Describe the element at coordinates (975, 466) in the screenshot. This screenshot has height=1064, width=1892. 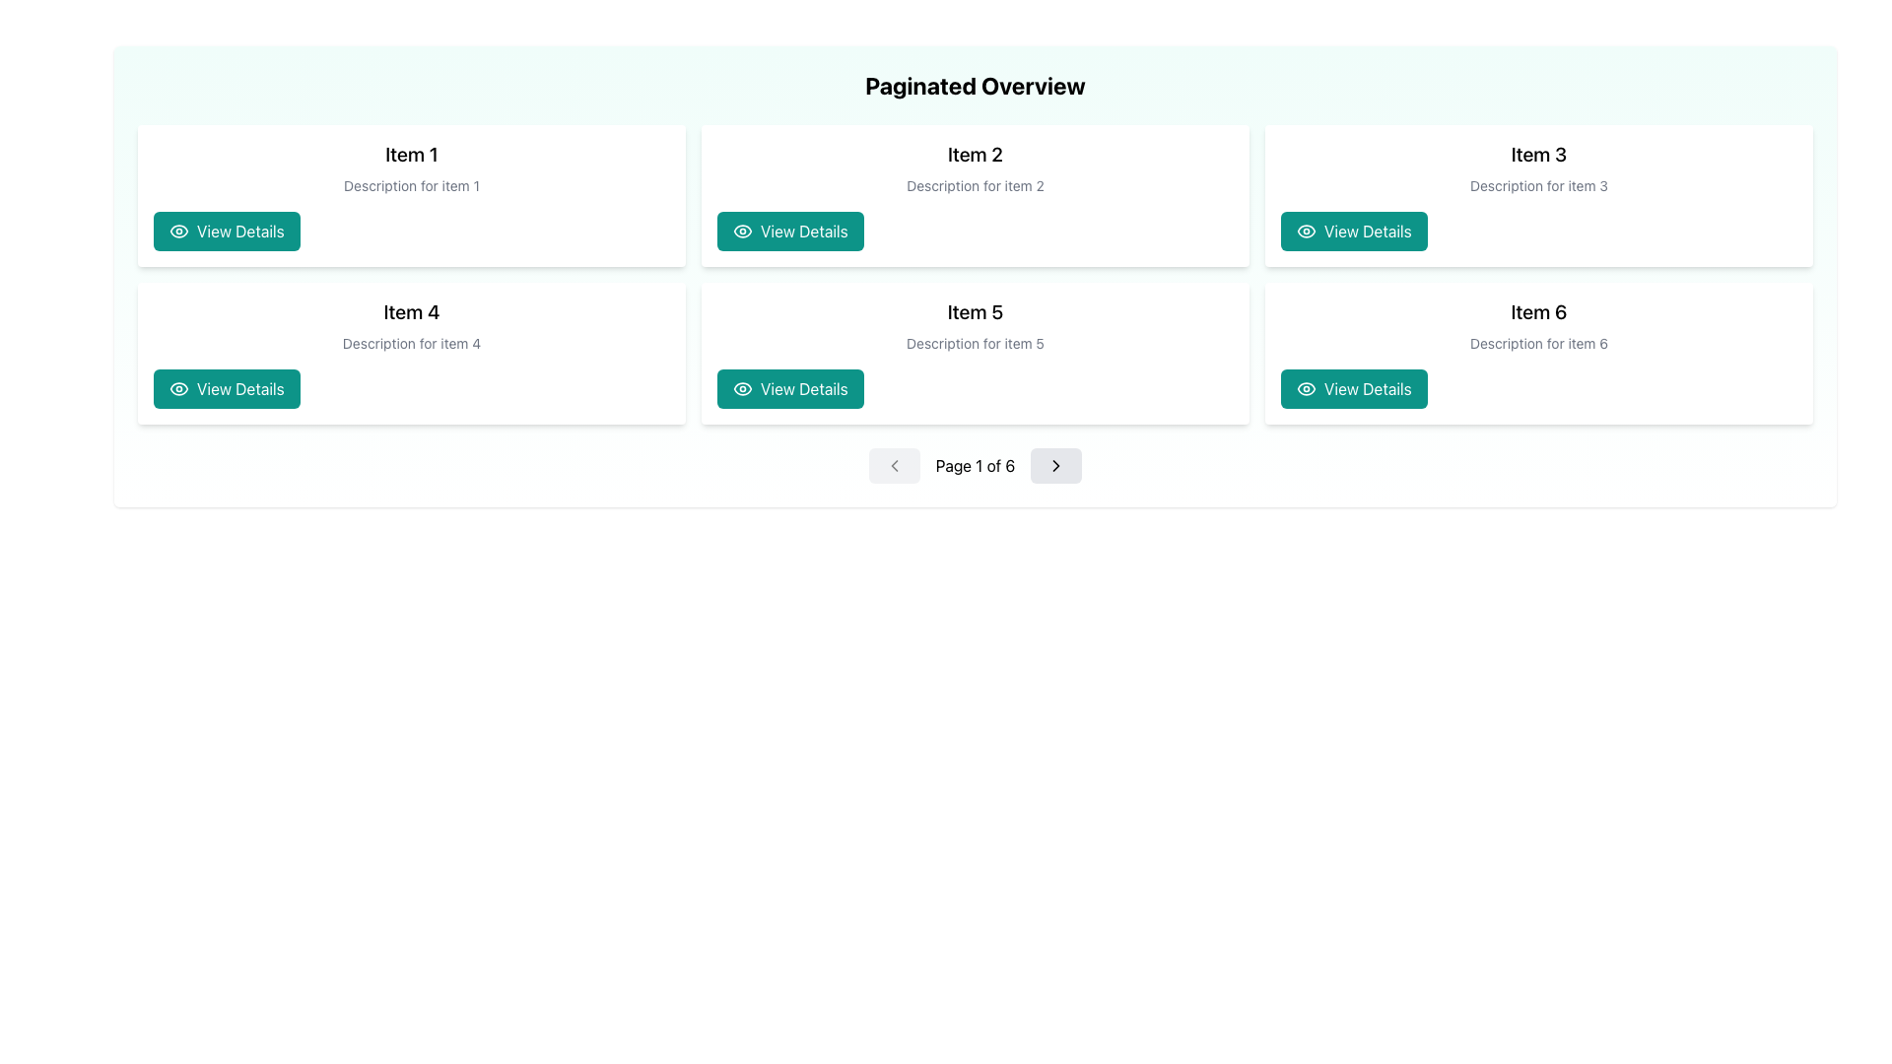
I see `the text label displaying 'Page 1 of 6' located centrally under the pagination toolbar` at that location.